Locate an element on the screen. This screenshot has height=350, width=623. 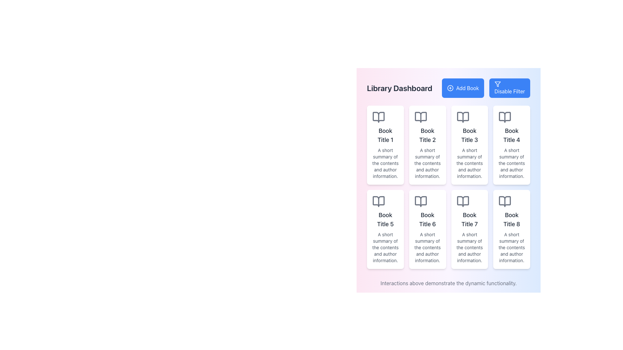
the descriptive text element that provides a summary of 'Book Title 1' in the upper left card layout is located at coordinates (385, 163).